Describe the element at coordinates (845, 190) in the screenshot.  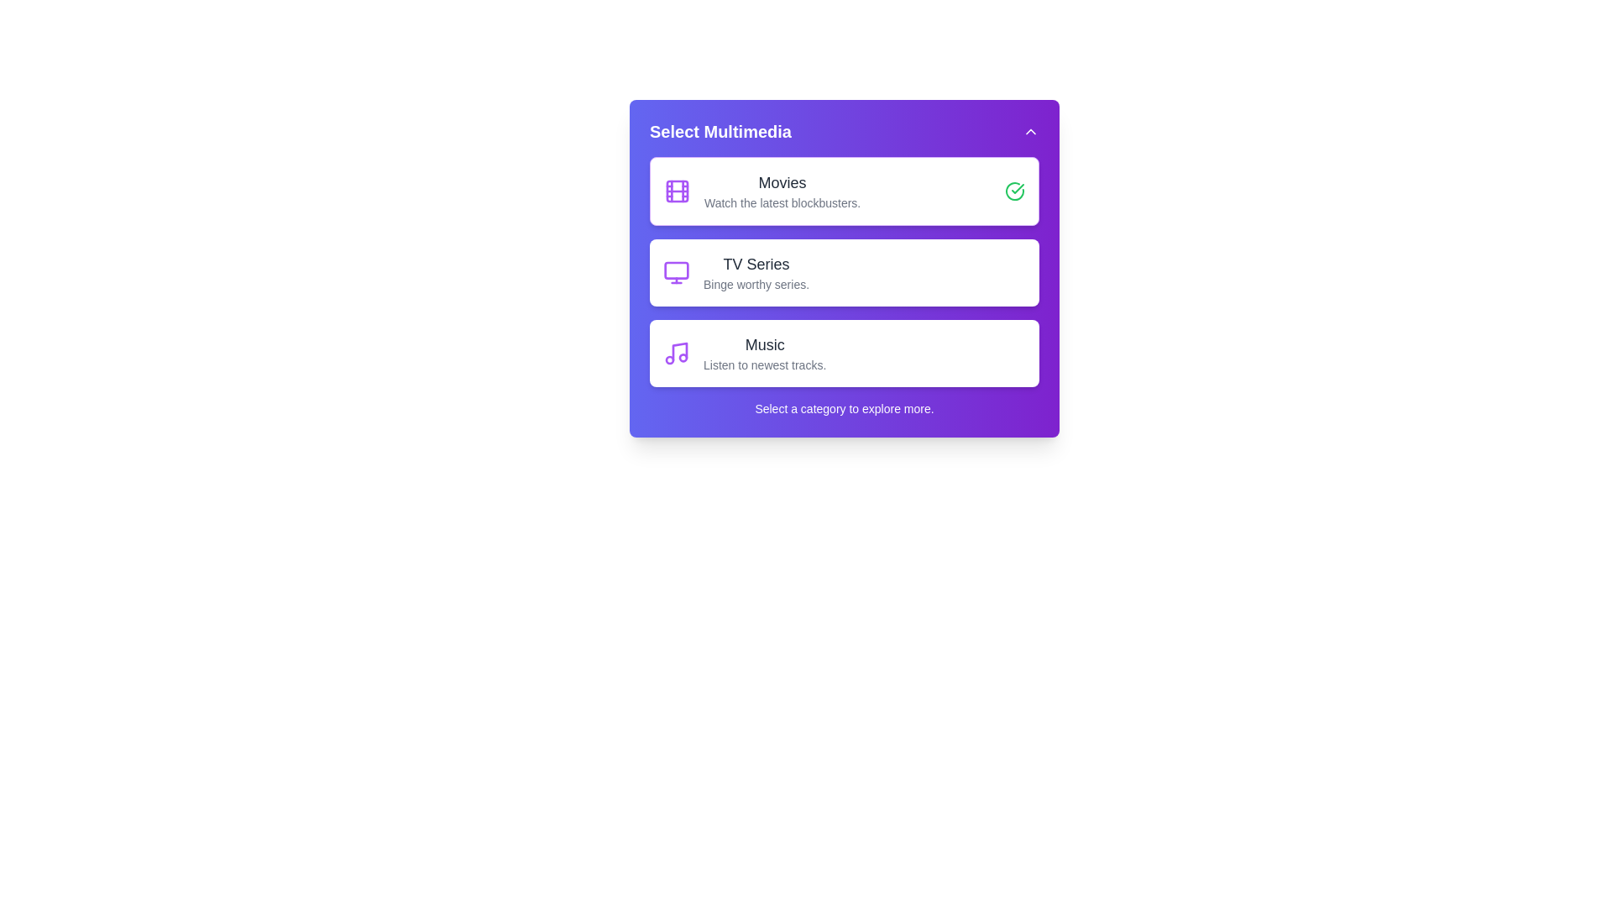
I see `the multimedia category Movies by clicking on its respective card` at that location.